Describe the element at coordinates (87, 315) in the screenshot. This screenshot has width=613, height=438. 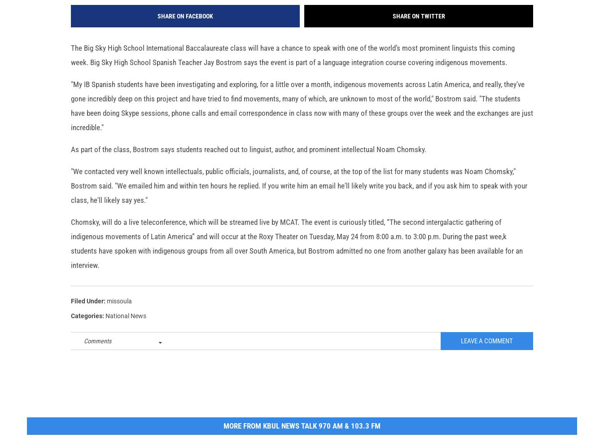
I see `'Filed Under'` at that location.